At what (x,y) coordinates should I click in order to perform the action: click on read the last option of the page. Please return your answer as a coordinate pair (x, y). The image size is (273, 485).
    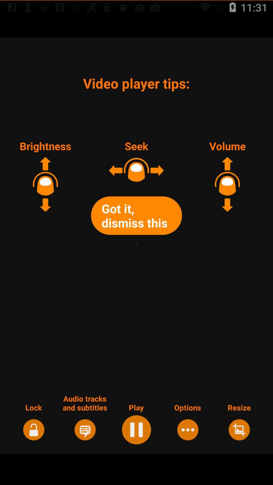
    Looking at the image, I should click on (239, 429).